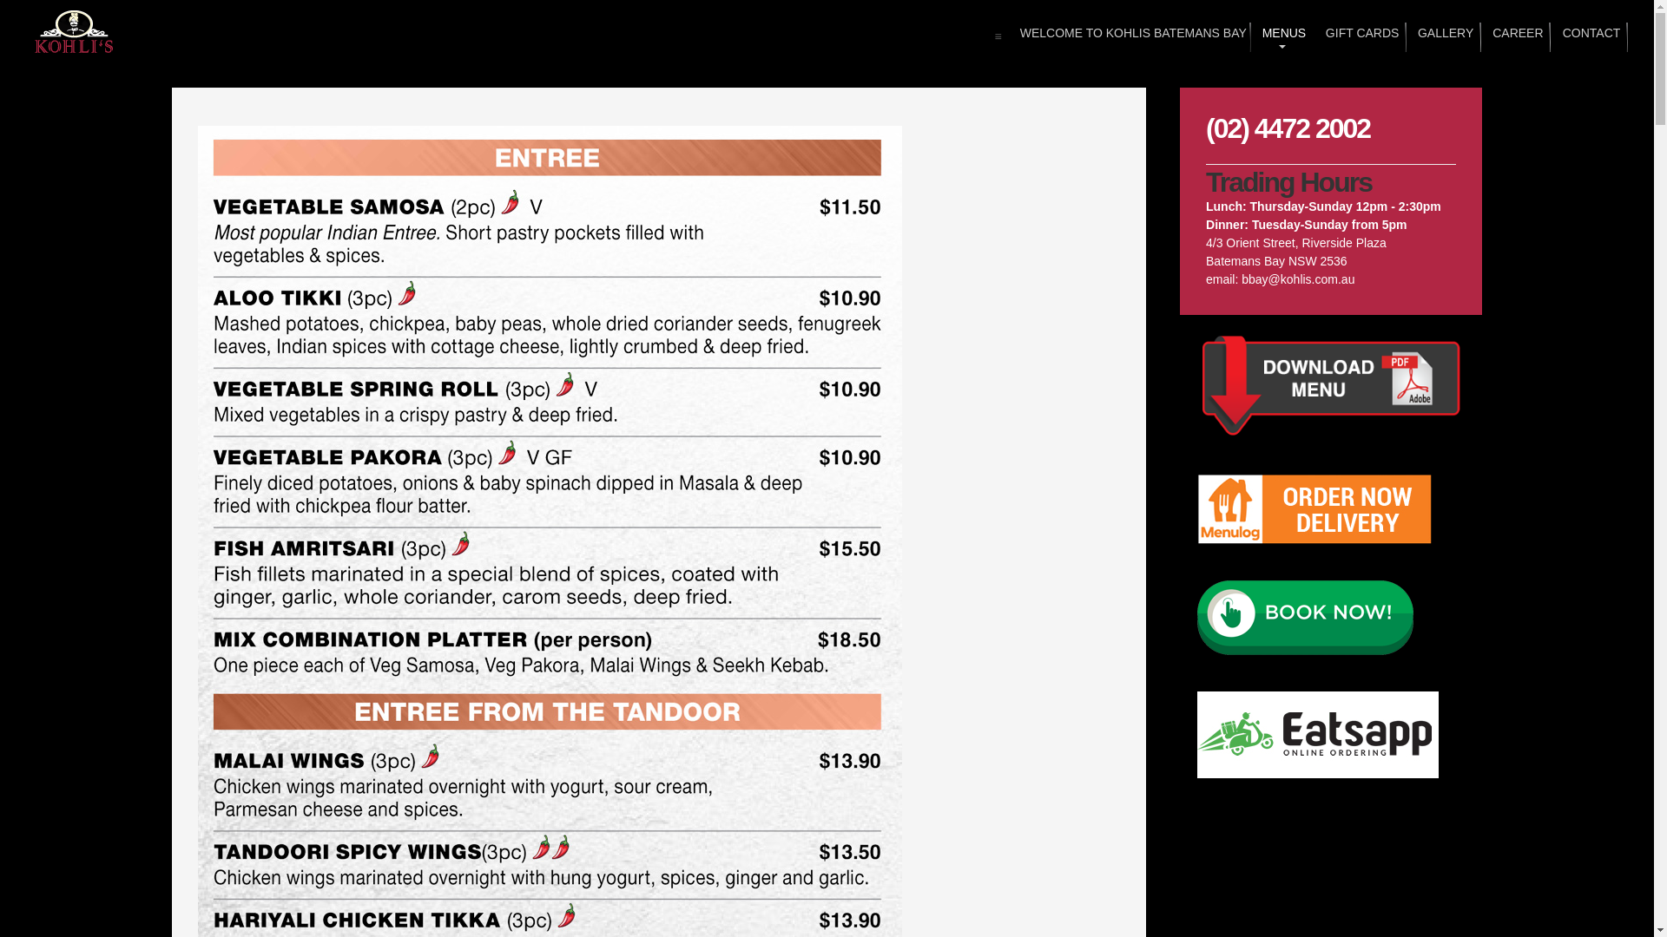 The width and height of the screenshot is (1667, 937). Describe the element at coordinates (1515, 36) in the screenshot. I see `'CAREER'` at that location.